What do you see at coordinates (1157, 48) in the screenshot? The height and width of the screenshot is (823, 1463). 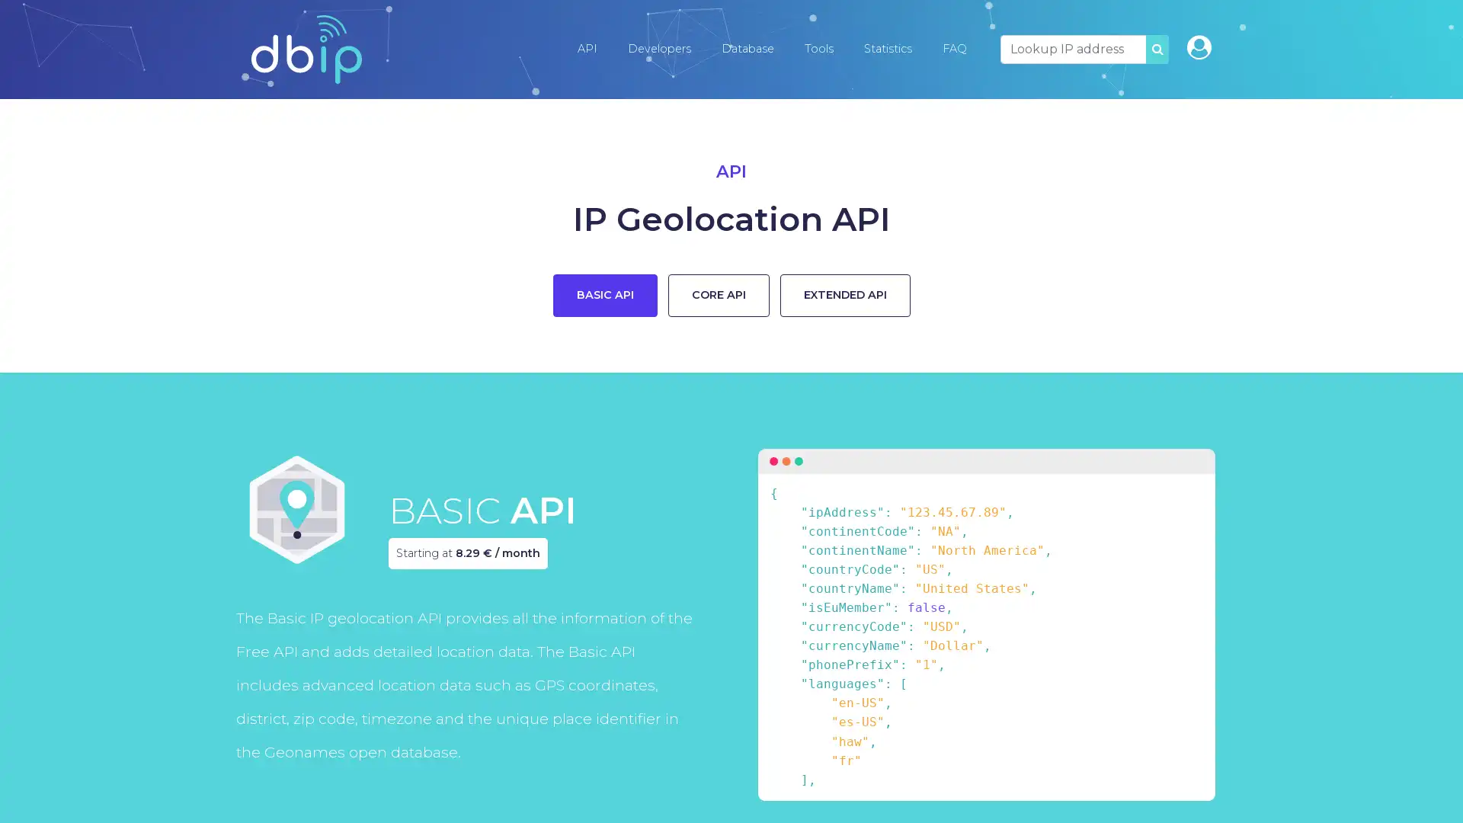 I see `SEARCH` at bounding box center [1157, 48].